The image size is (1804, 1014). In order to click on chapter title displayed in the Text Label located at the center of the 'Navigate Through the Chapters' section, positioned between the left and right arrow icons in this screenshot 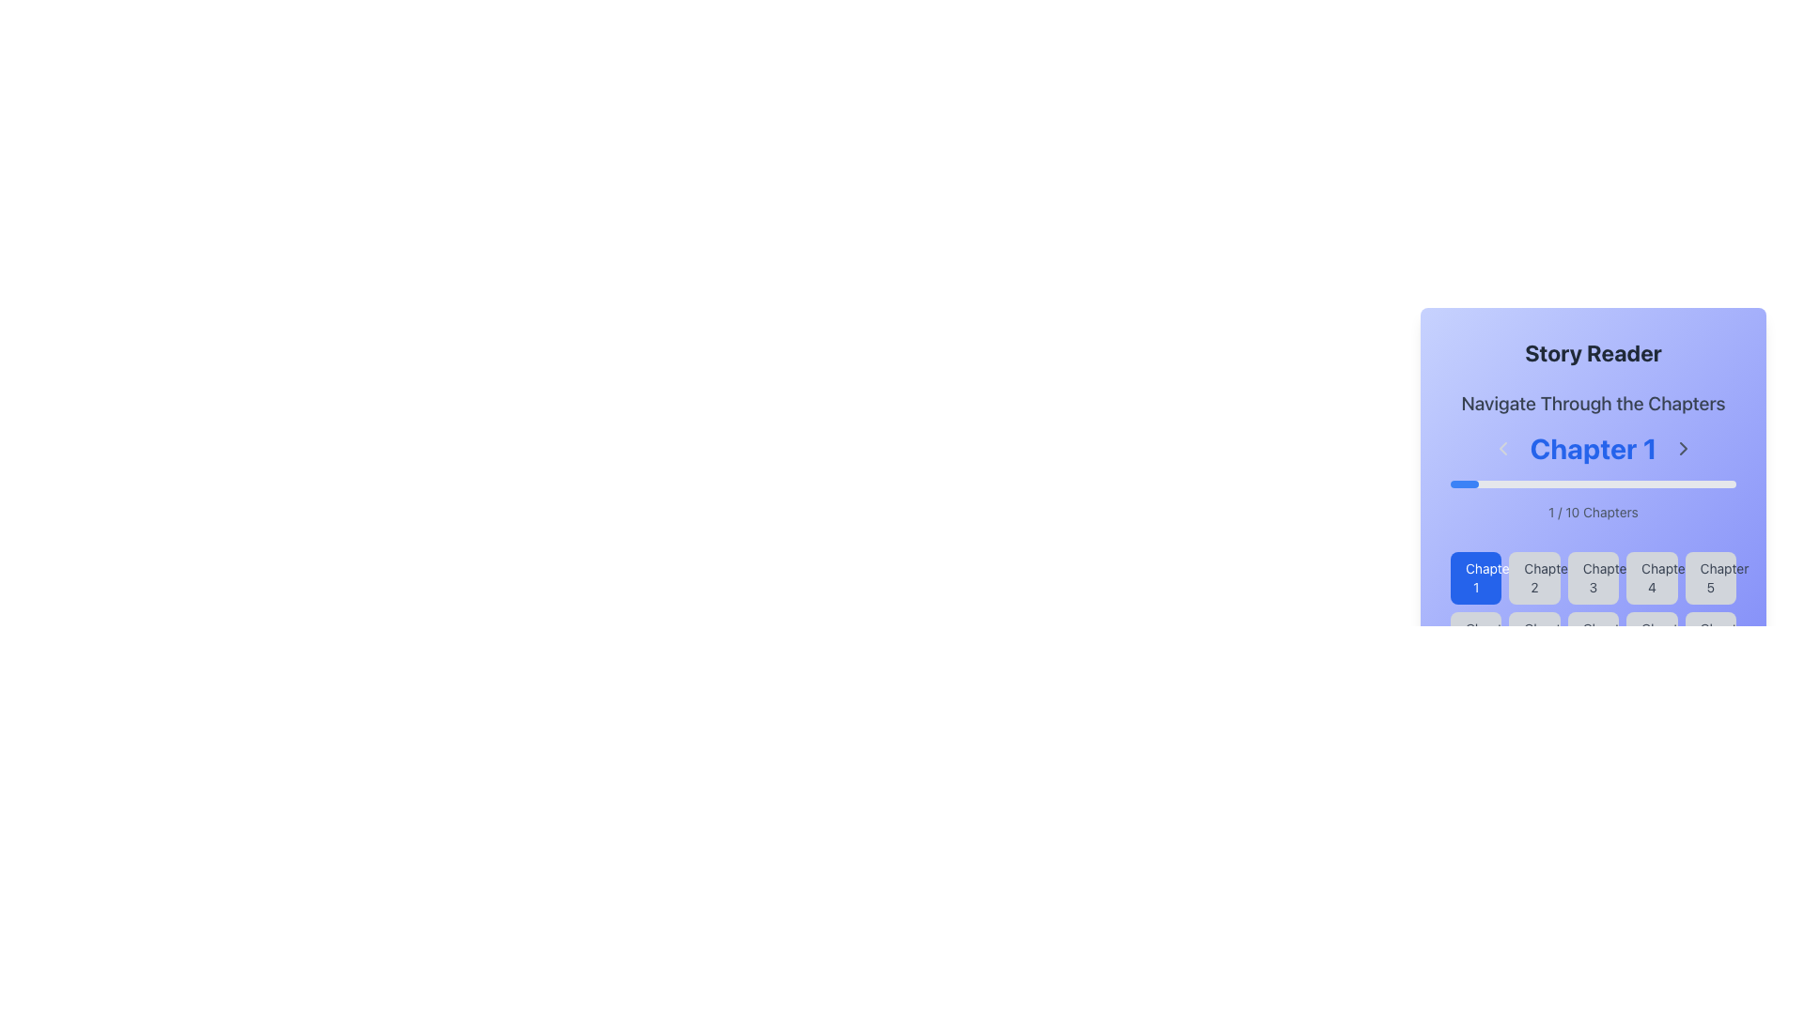, I will do `click(1592, 449)`.